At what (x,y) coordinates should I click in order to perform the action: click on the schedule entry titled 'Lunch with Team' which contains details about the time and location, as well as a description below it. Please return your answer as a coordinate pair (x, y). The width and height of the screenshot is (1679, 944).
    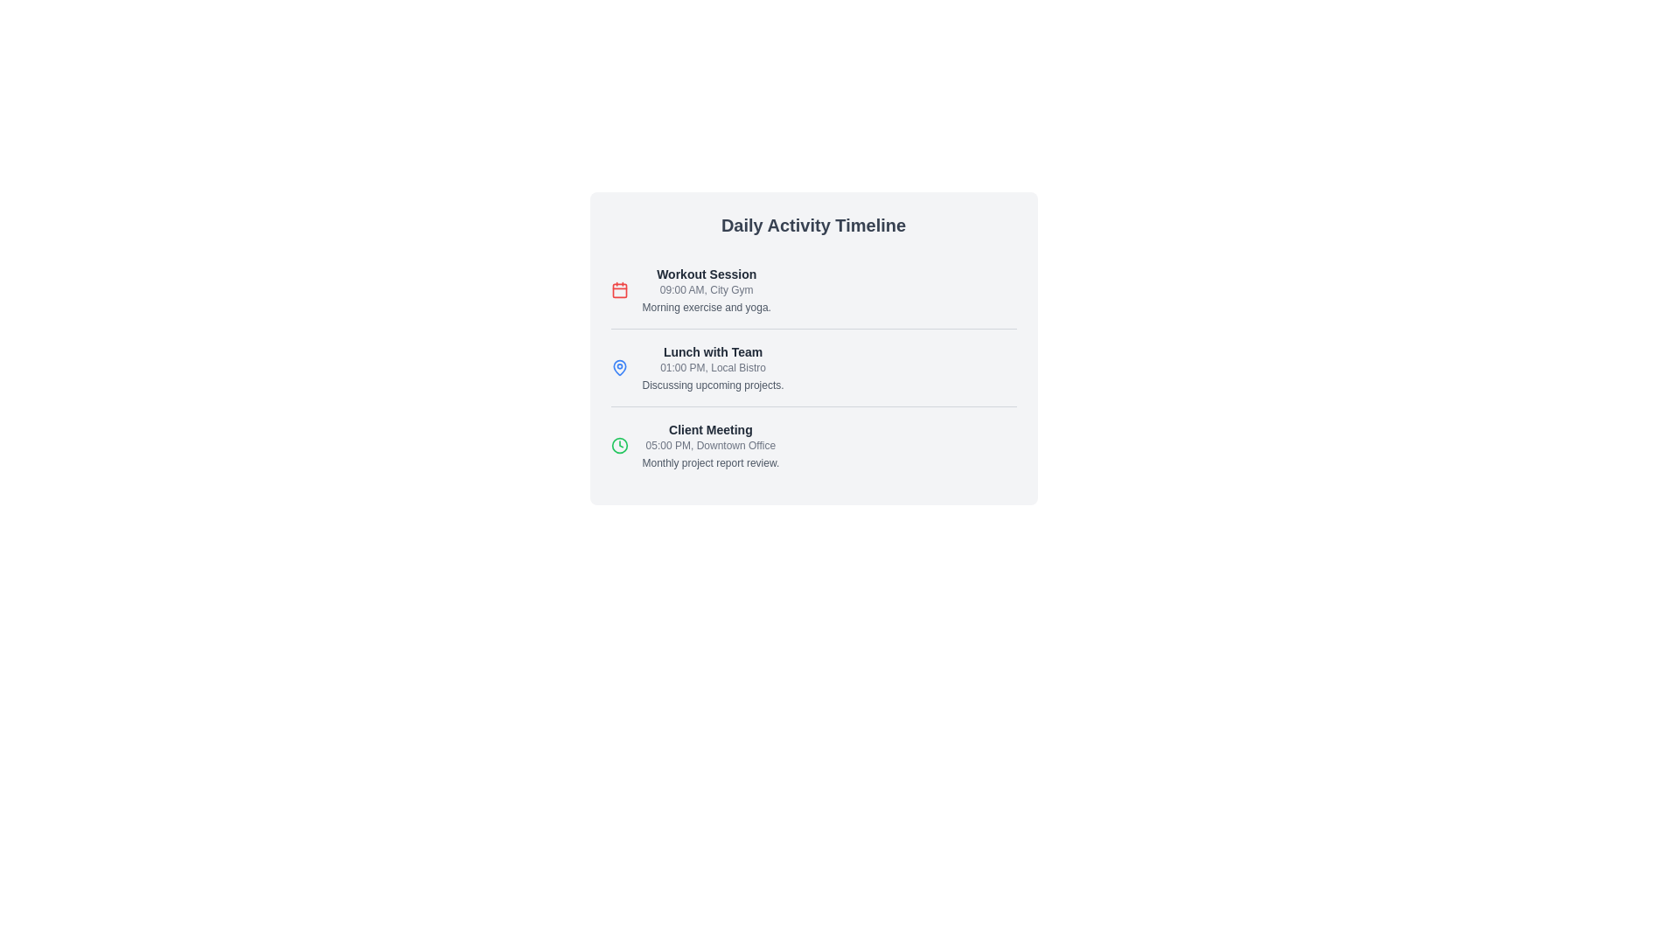
    Looking at the image, I should click on (812, 366).